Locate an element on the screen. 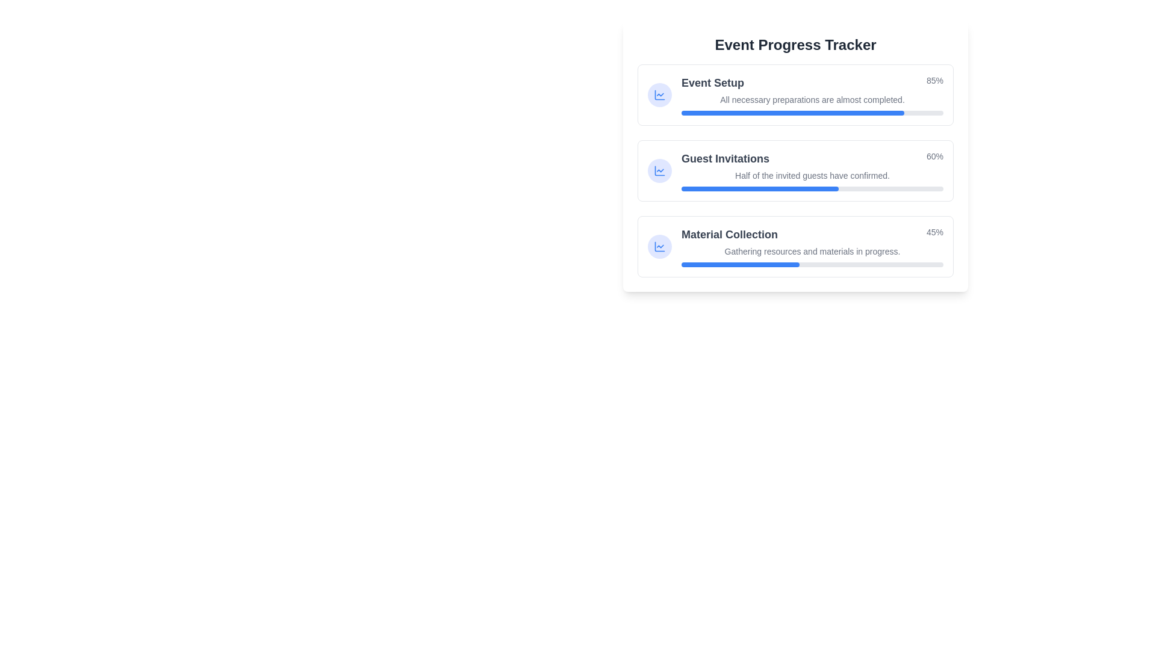 This screenshot has height=650, width=1156. the Progress indicator for 'Event Setup' that shows 85% completion, located at the top of the Event Progress Tracker is located at coordinates (812, 82).